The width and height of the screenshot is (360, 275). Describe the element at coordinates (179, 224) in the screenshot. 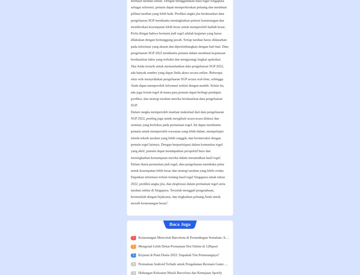

I see `'Baca Juga'` at that location.